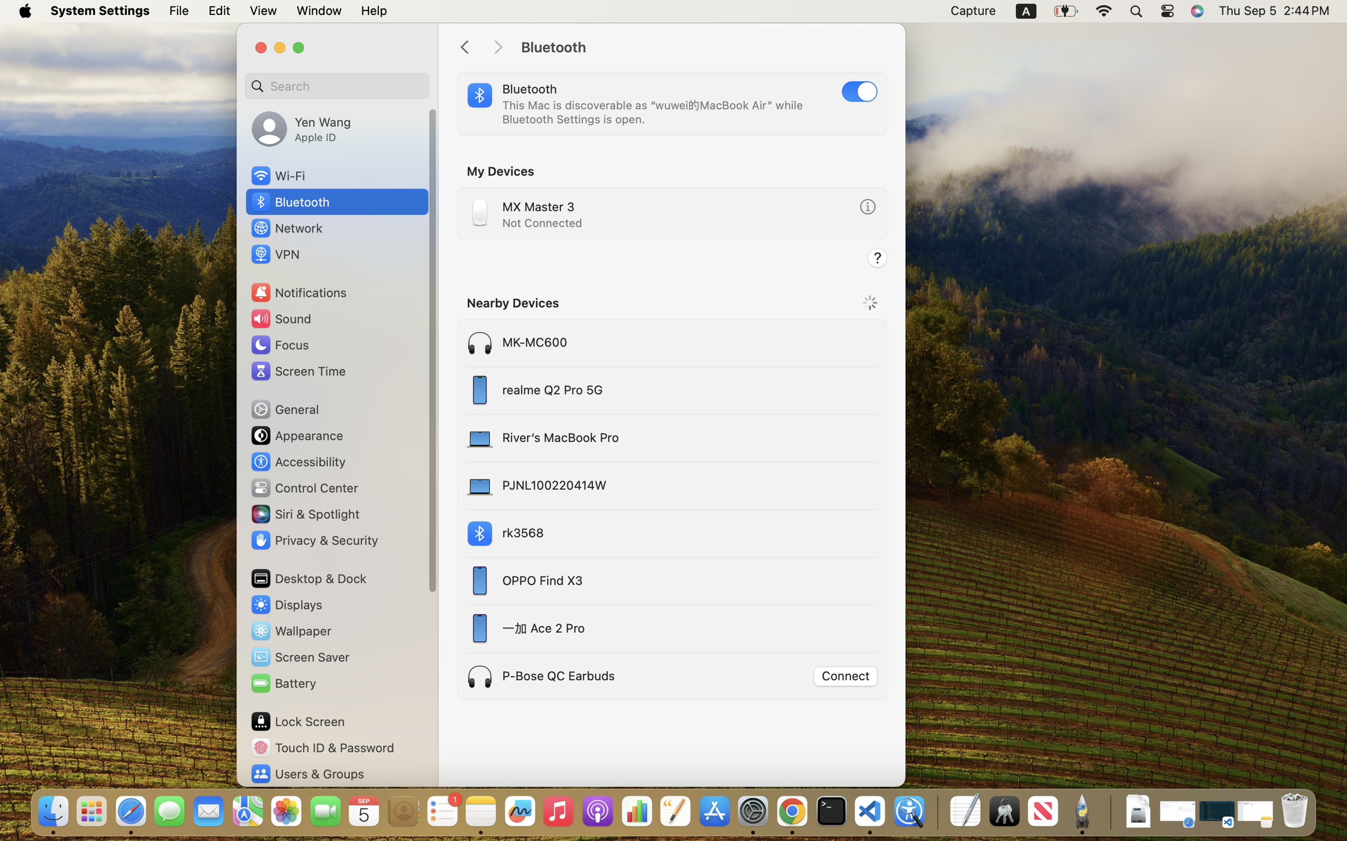  Describe the element at coordinates (300, 128) in the screenshot. I see `'Yen Wang, Apple ID'` at that location.